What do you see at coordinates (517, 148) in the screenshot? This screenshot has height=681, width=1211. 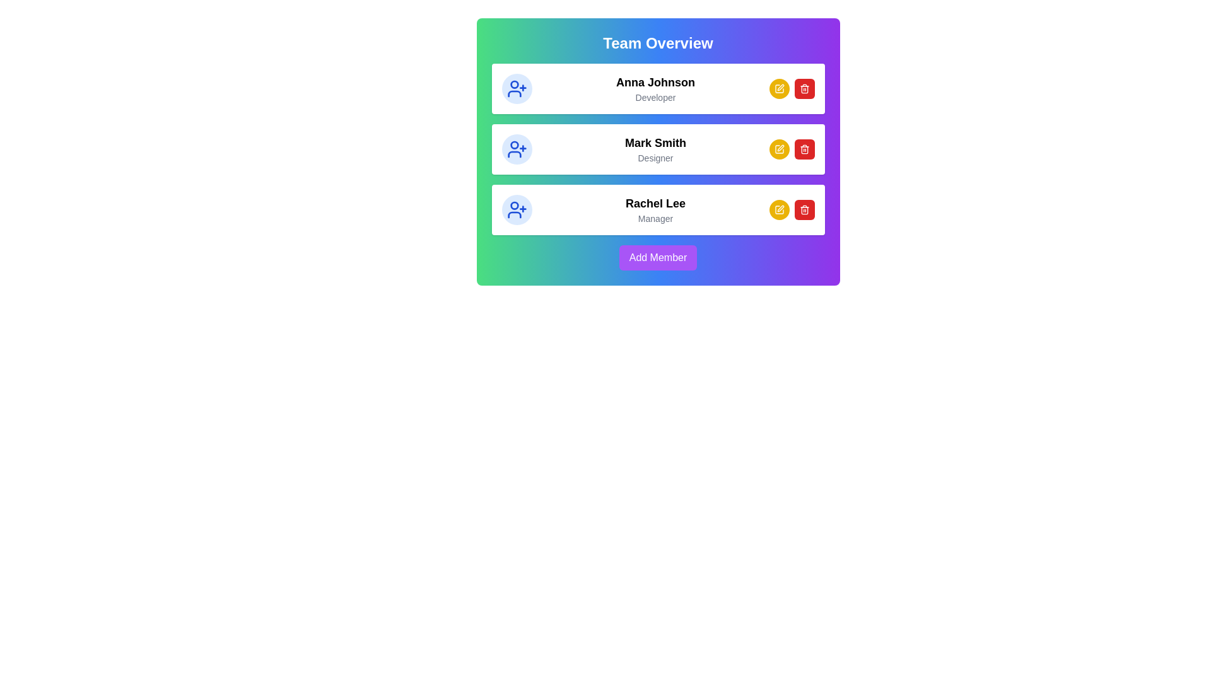 I see `the circular light blue icon with a white plus sign and user profile silhouette located in the upper-left portion of Mark Smith's user profile card` at bounding box center [517, 148].